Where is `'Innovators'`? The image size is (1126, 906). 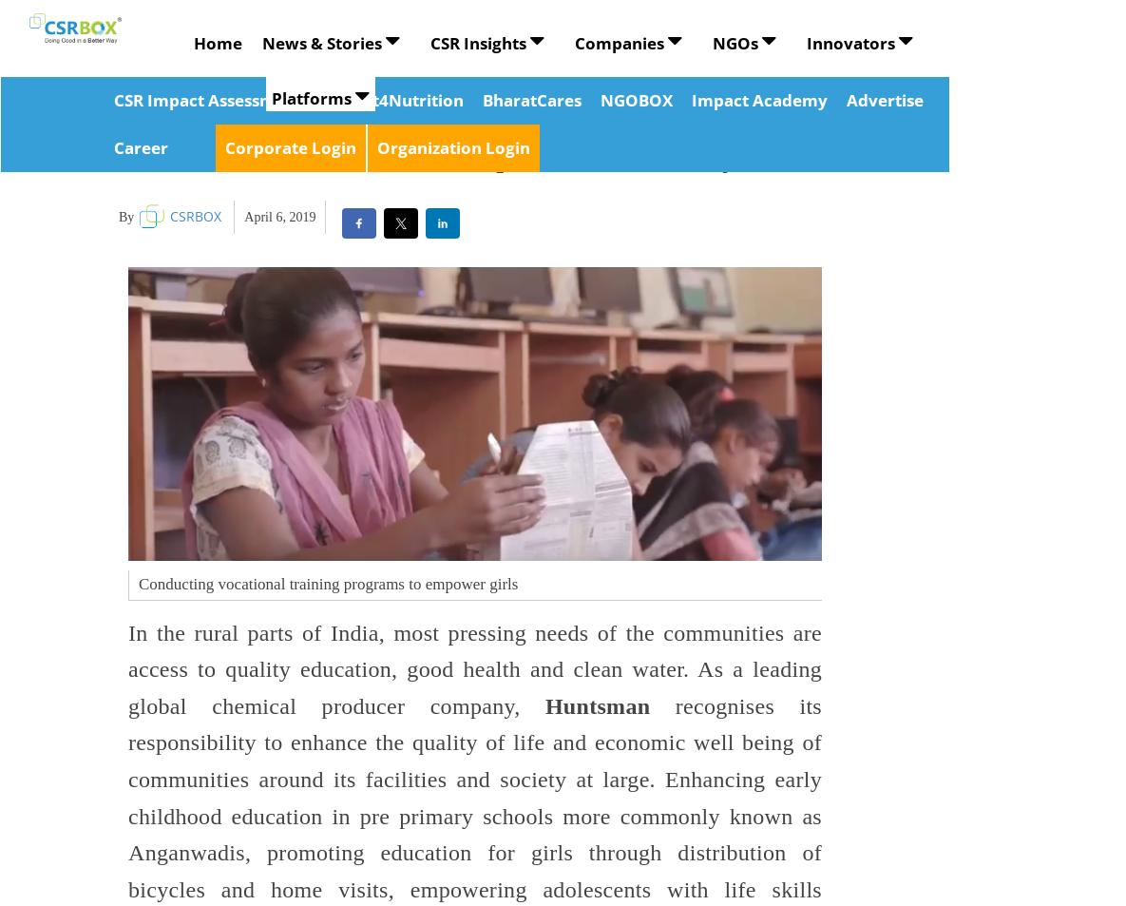
'Innovators' is located at coordinates (851, 42).